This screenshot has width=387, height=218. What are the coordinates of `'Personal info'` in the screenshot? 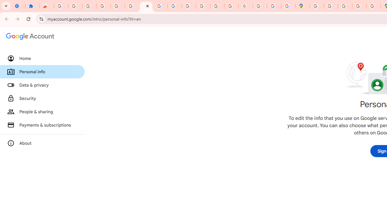 It's located at (42, 71).